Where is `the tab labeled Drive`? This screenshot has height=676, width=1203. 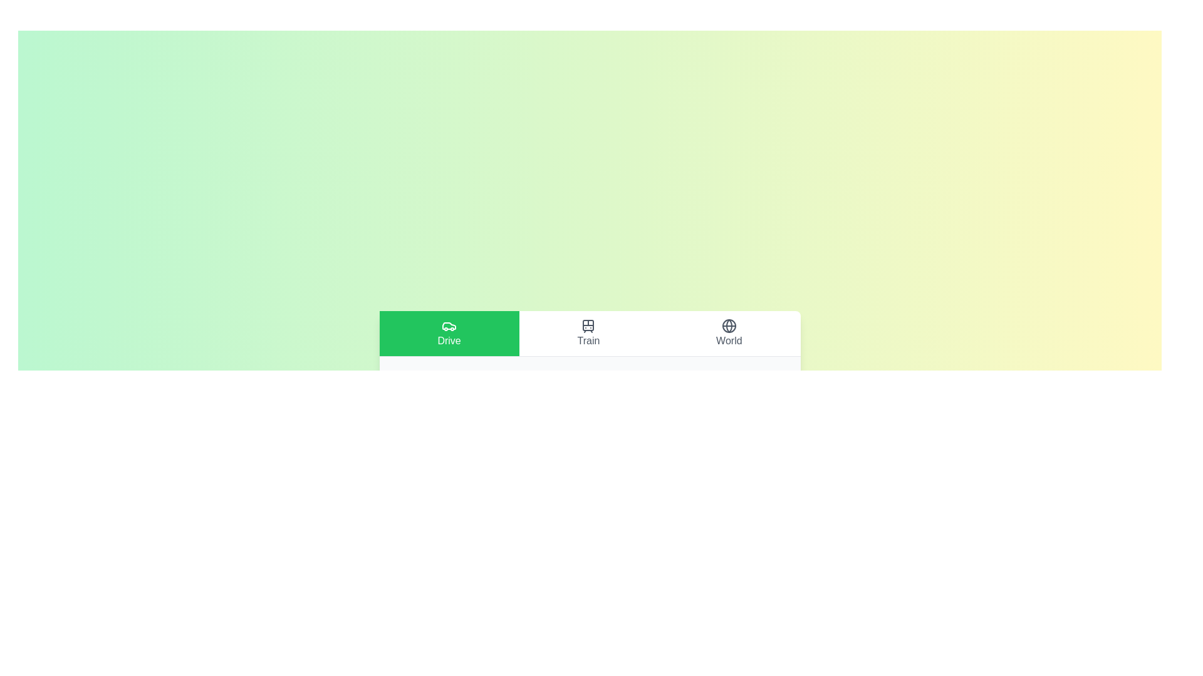
the tab labeled Drive is located at coordinates (449, 332).